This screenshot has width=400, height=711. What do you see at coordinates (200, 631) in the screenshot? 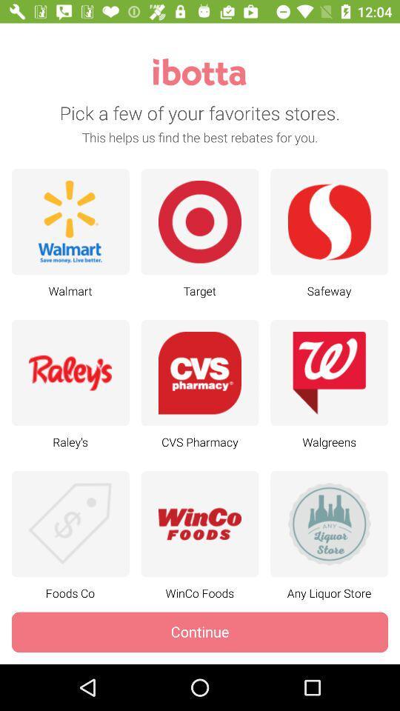
I see `continue icon` at bounding box center [200, 631].